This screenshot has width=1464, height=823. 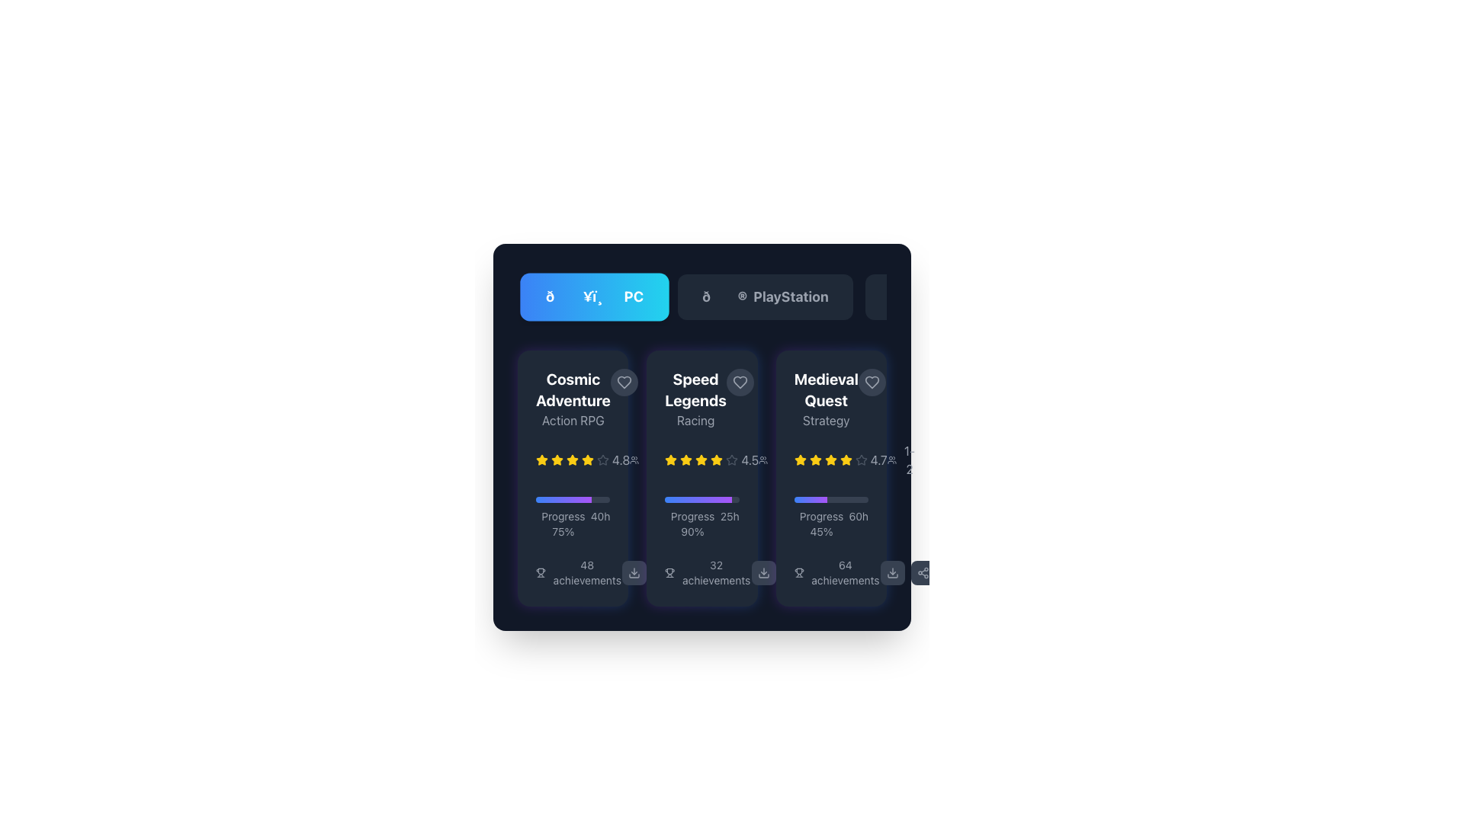 I want to click on the gray outlined five-pointed star icon associated with rating or favorite selection, located to the right of the text '4.5' in the 'Speed Legends' game card, so click(x=732, y=459).